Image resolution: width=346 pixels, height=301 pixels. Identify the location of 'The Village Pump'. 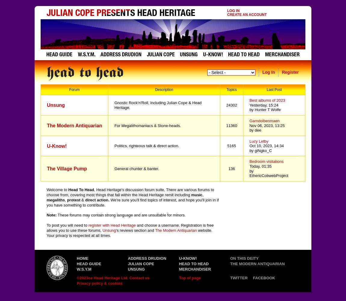
(66, 169).